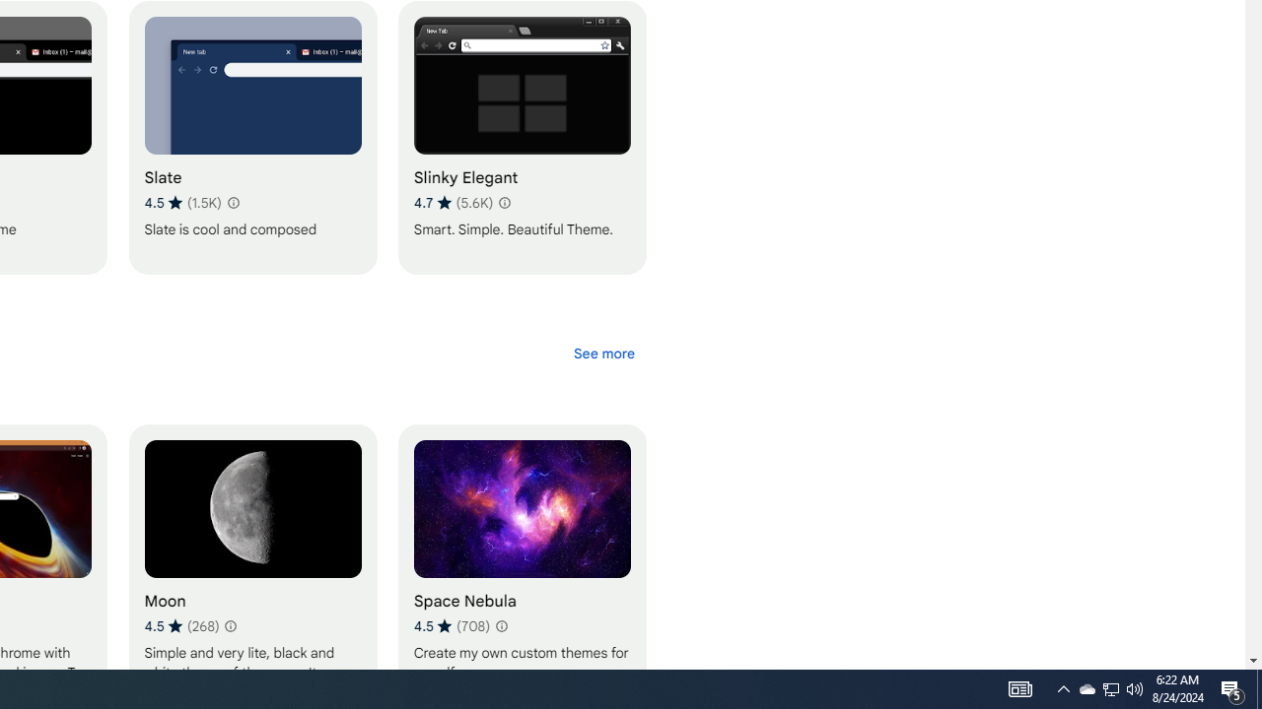 The width and height of the screenshot is (1262, 709). What do you see at coordinates (251, 137) in the screenshot?
I see `'Slate'` at bounding box center [251, 137].